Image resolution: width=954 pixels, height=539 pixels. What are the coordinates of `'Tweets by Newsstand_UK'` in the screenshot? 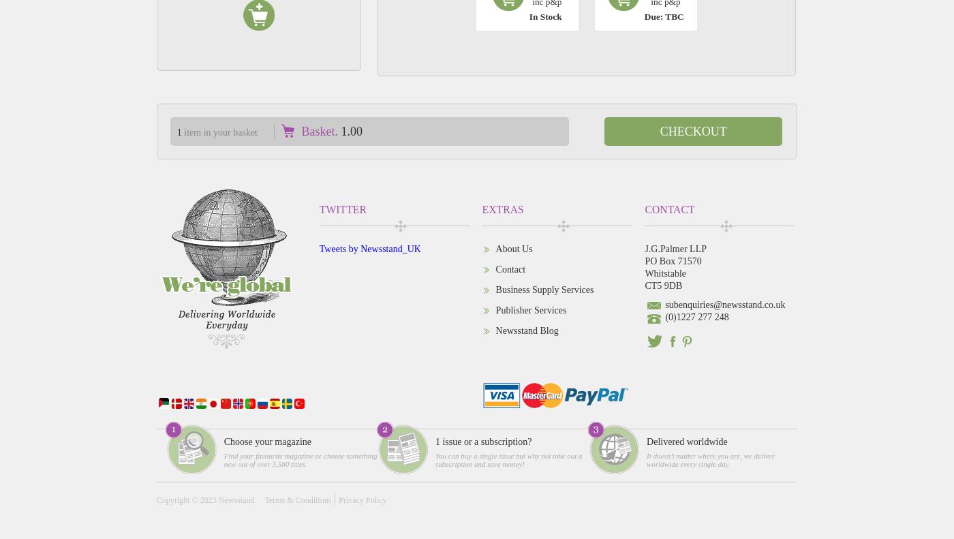 It's located at (369, 247).